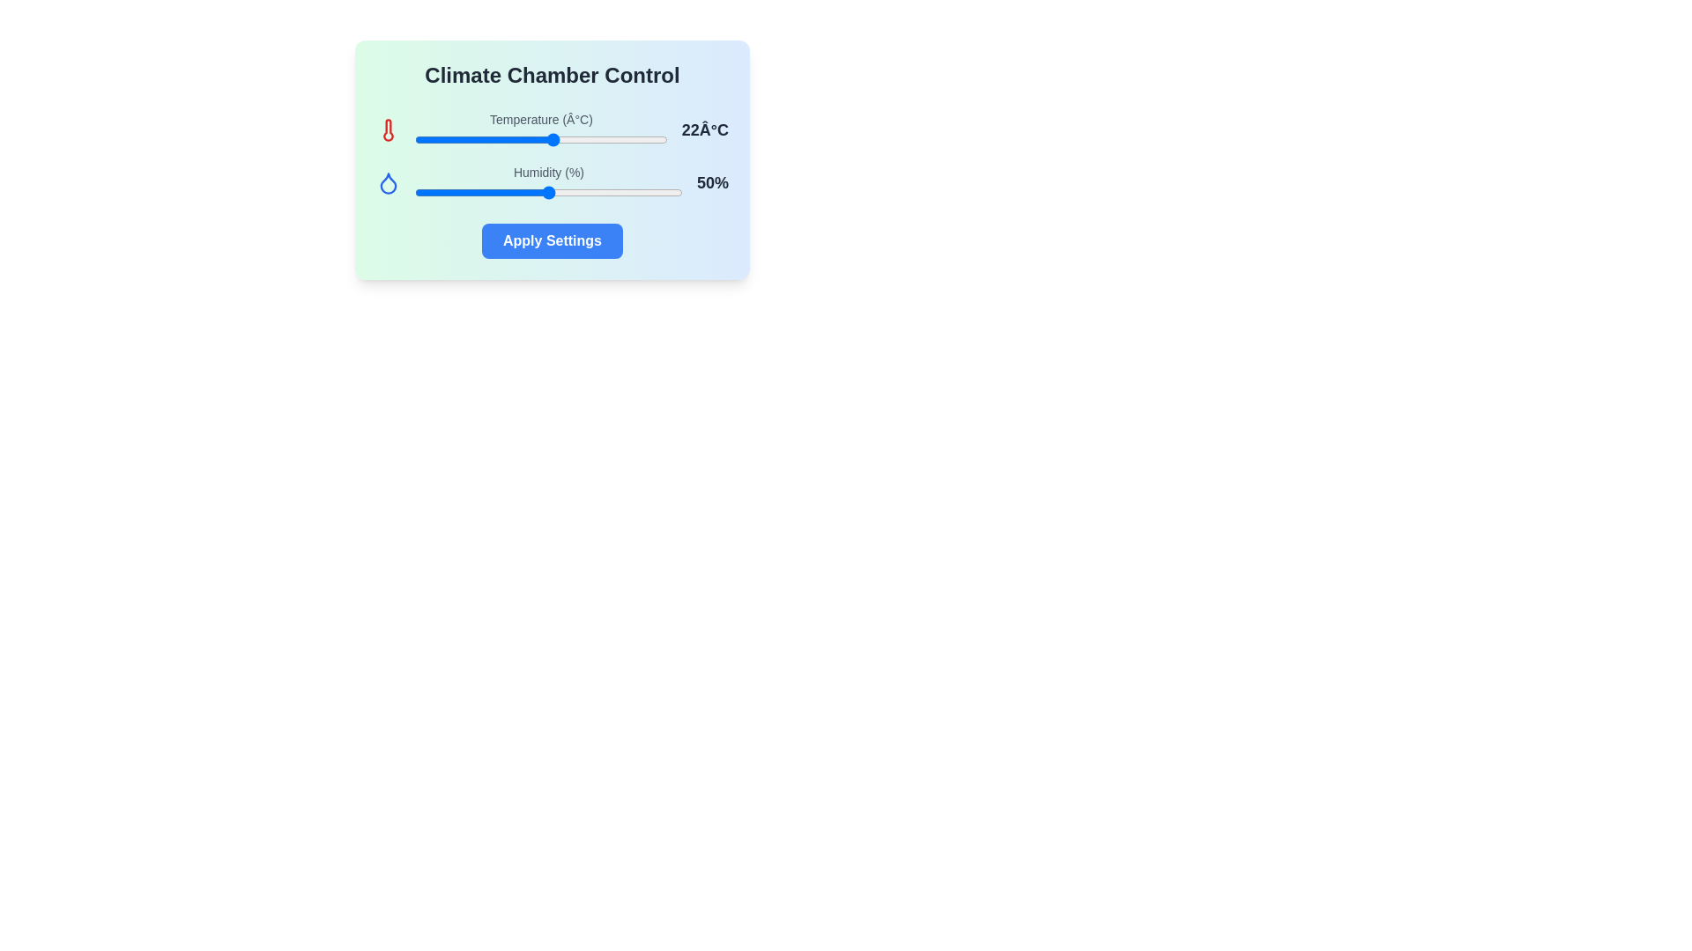 This screenshot has width=1692, height=951. What do you see at coordinates (478, 138) in the screenshot?
I see `the temperature slider to 10 degrees Celsius` at bounding box center [478, 138].